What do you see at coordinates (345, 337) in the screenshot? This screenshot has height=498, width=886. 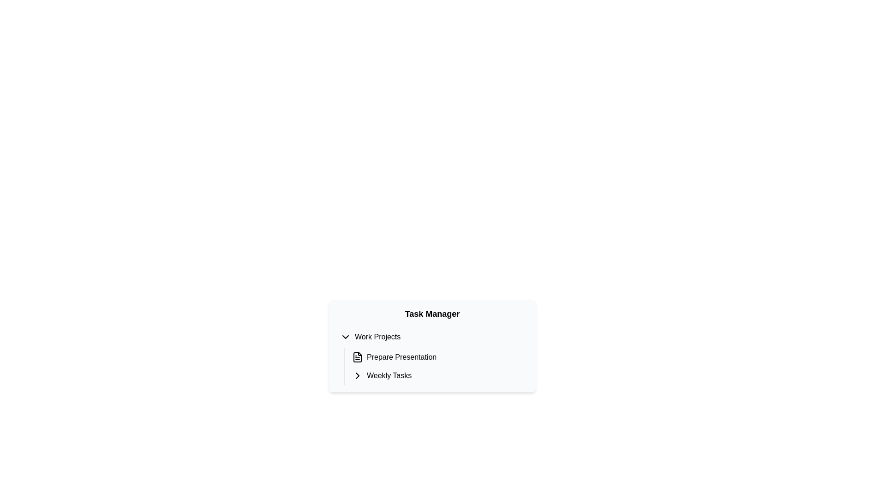 I see `the downward-pointing chevron icon next to the 'Work Projects' text` at bounding box center [345, 337].